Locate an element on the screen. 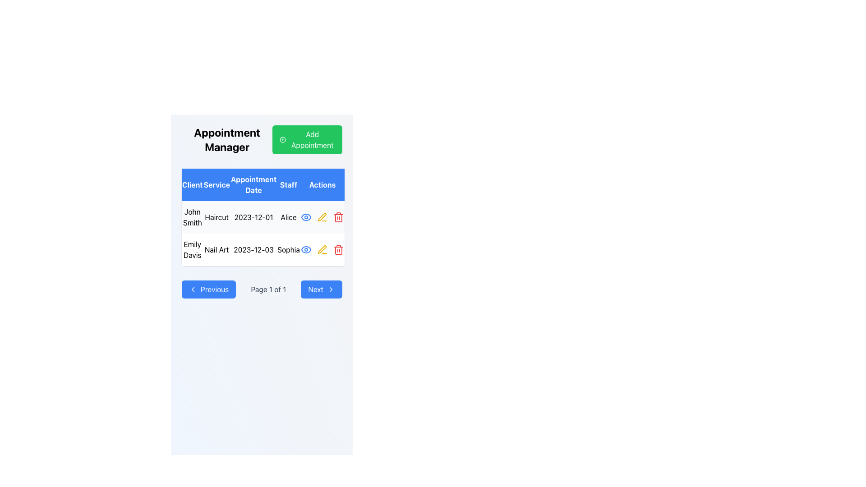  date displayed in the Text Display element located under the 'Appointment Date' column in the second row of the table, which shows '2023-12-01' is located at coordinates (253, 217).